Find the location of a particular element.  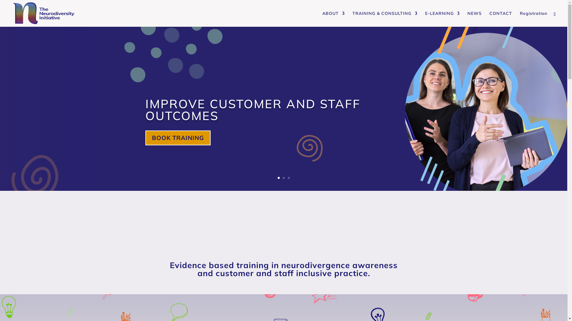

'1' is located at coordinates (277, 177).